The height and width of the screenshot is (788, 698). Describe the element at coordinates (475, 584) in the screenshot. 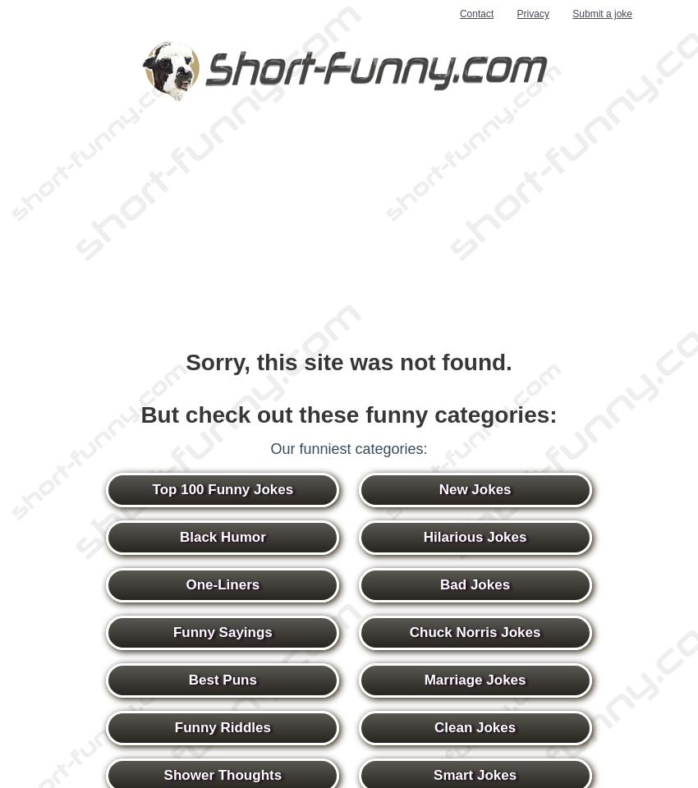

I see `'Bad Jokes'` at that location.